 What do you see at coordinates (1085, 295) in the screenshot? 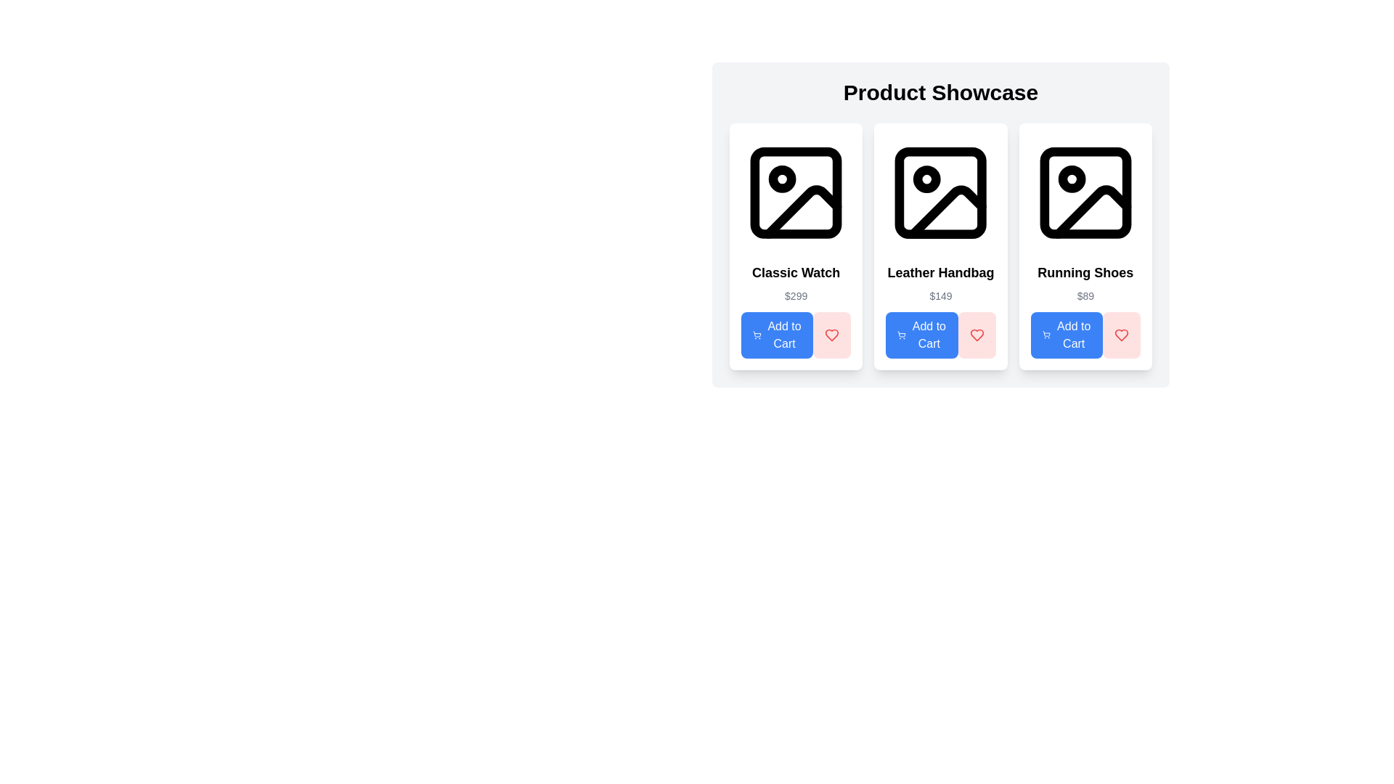
I see `the price text label in the third product card located beneath the title 'Running Shoes' and above the 'Add to Cart' button` at bounding box center [1085, 295].